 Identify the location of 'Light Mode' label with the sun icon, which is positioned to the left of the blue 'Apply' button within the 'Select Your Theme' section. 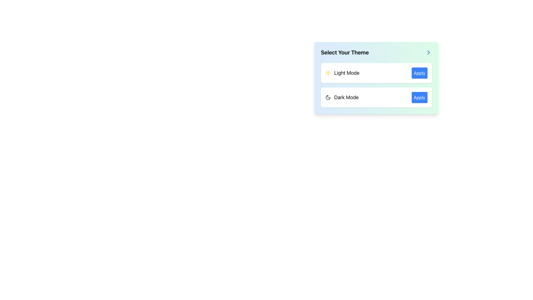
(342, 72).